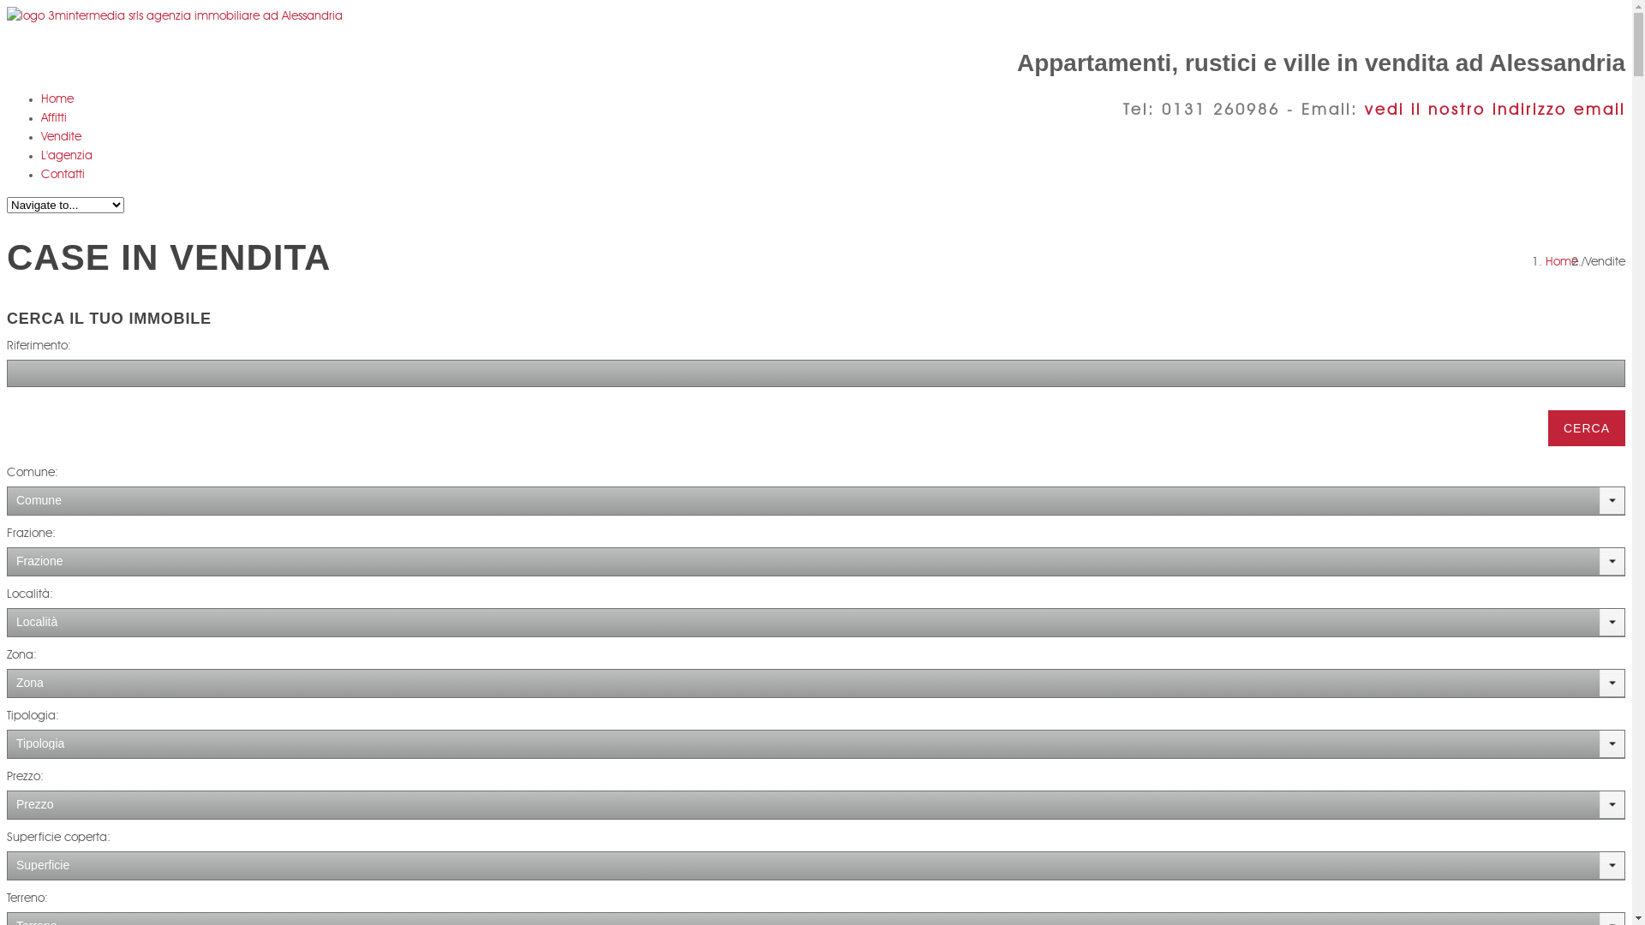 The image size is (1645, 925). What do you see at coordinates (66, 155) in the screenshot?
I see `'L'agenzia'` at bounding box center [66, 155].